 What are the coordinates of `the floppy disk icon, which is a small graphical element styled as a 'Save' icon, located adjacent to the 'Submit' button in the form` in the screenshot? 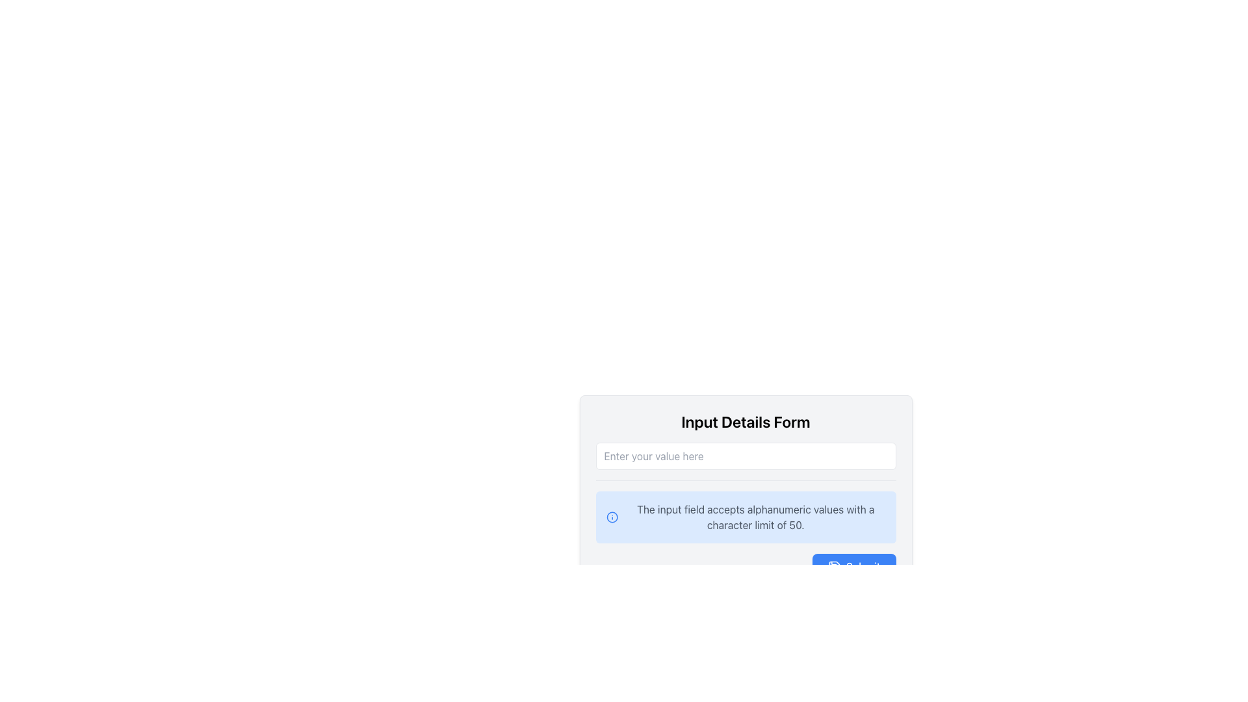 It's located at (834, 565).